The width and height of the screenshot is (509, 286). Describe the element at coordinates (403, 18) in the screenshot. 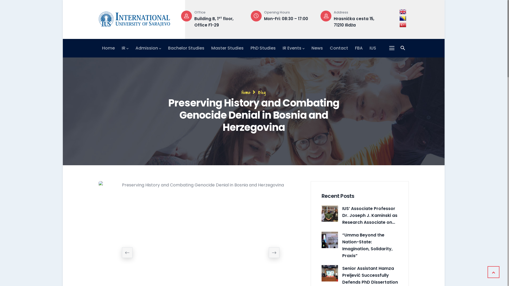

I see `'Bosnian'` at that location.